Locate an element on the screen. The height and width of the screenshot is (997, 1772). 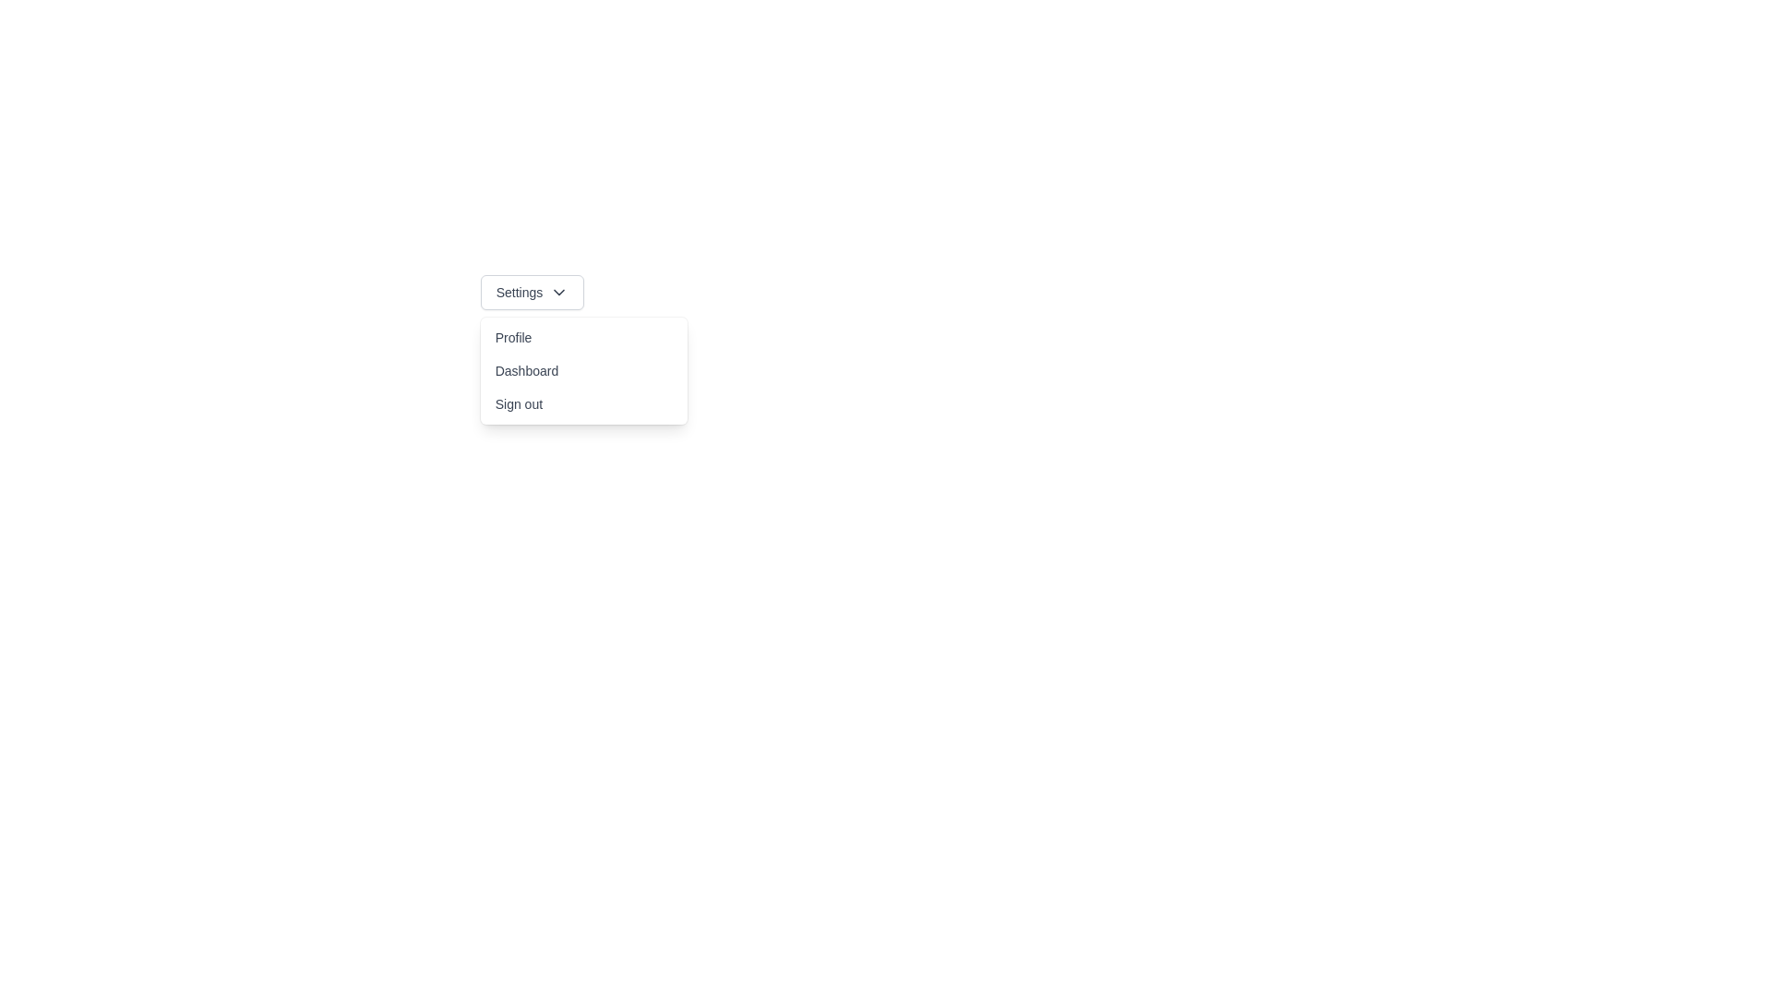
the 'Profile' menu item located directly beneath the 'Settings' button in the dropdown menu is located at coordinates (582, 338).